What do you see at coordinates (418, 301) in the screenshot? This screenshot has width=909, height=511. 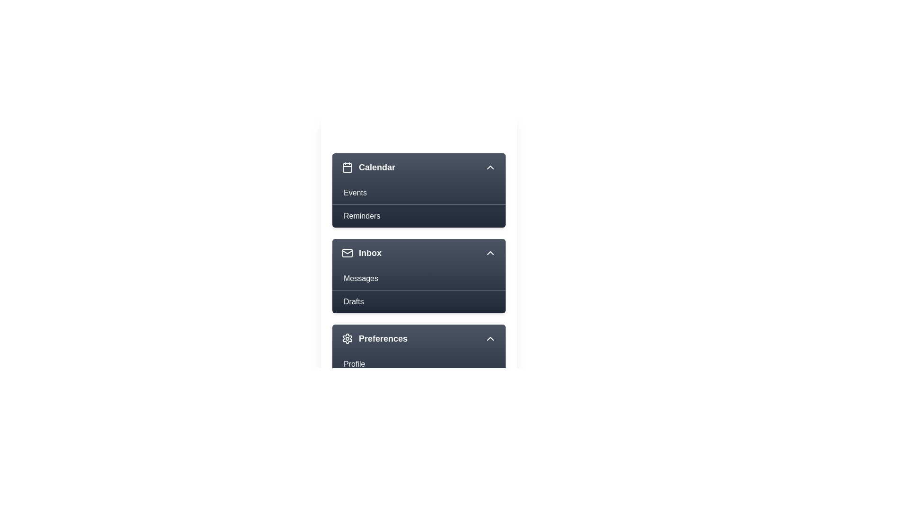 I see `the menu item Drafts from the section Inbox` at bounding box center [418, 301].